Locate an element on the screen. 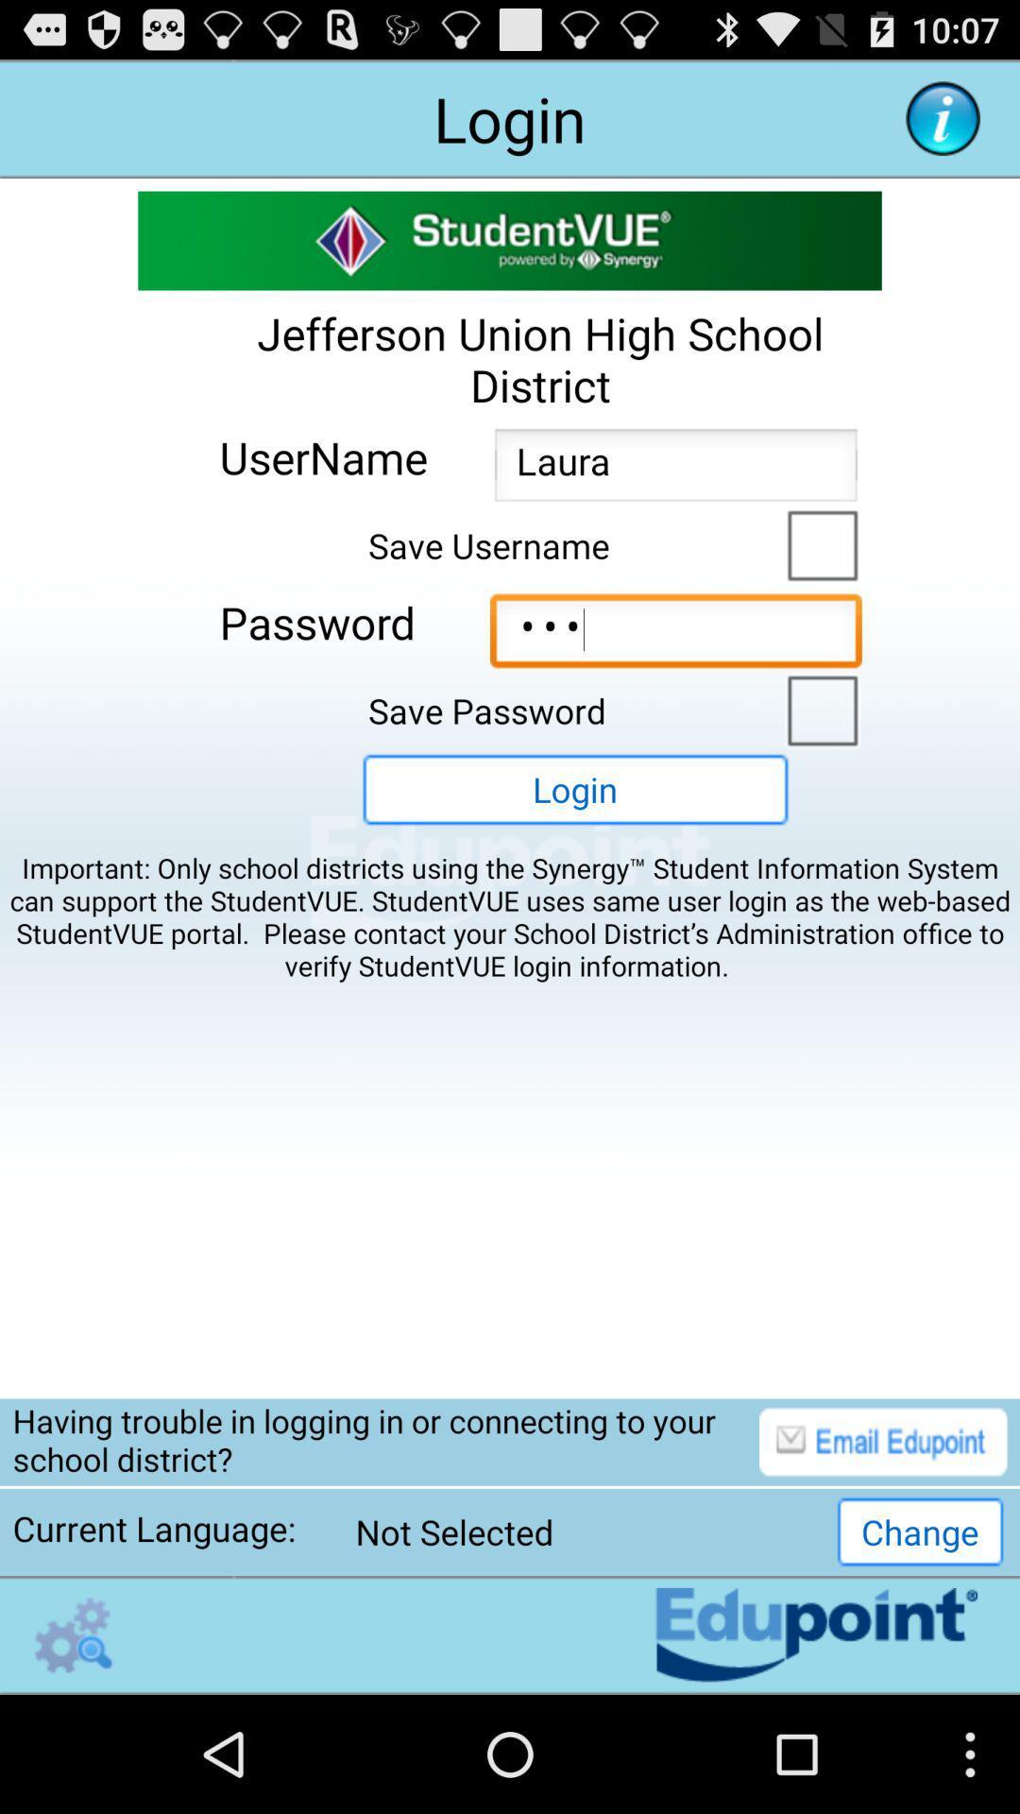 The image size is (1020, 1814). setting is located at coordinates (73, 1634).